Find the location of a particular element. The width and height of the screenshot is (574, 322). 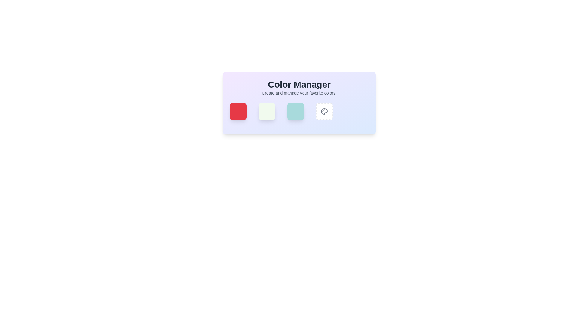

the selectable color tile, which is the third item in a horizontally-aligned grid of five items is located at coordinates (295, 112).